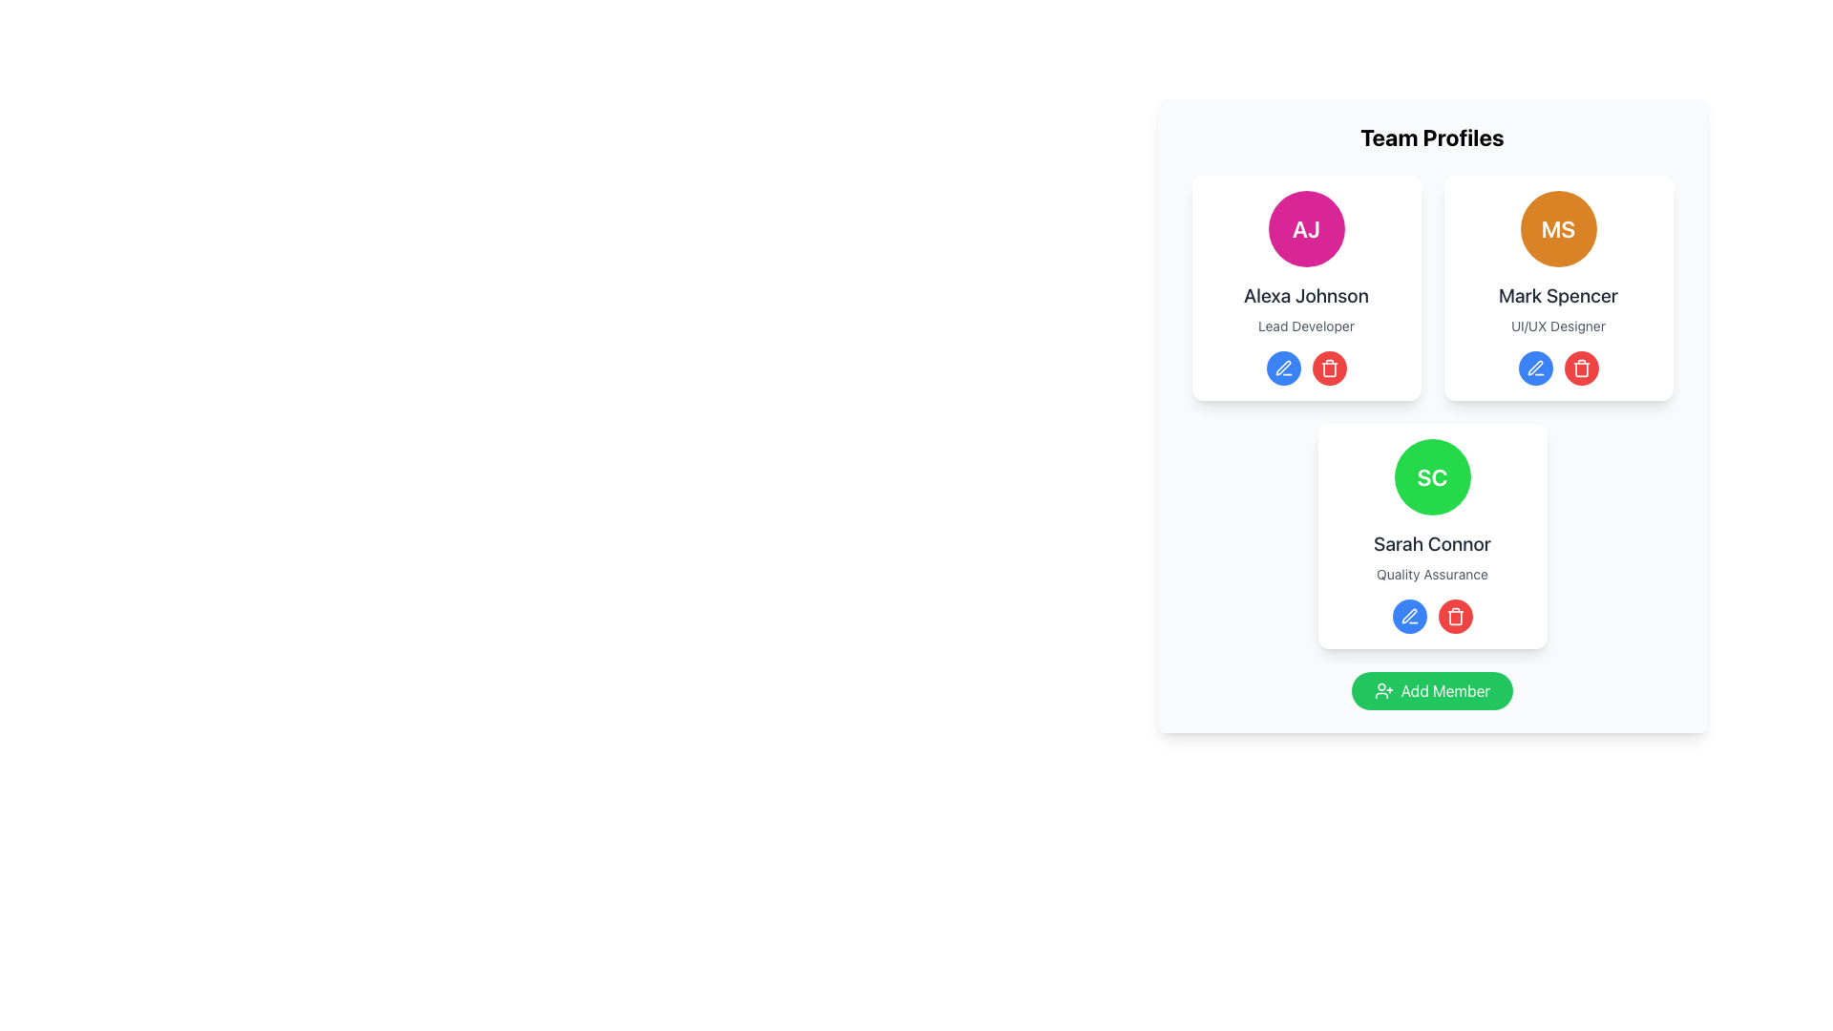 The image size is (1833, 1031). I want to click on the 'Add Member' icon located on the left side of the green 'Add Member' button at the bottom of the 'Team Profiles' section, so click(1383, 691).